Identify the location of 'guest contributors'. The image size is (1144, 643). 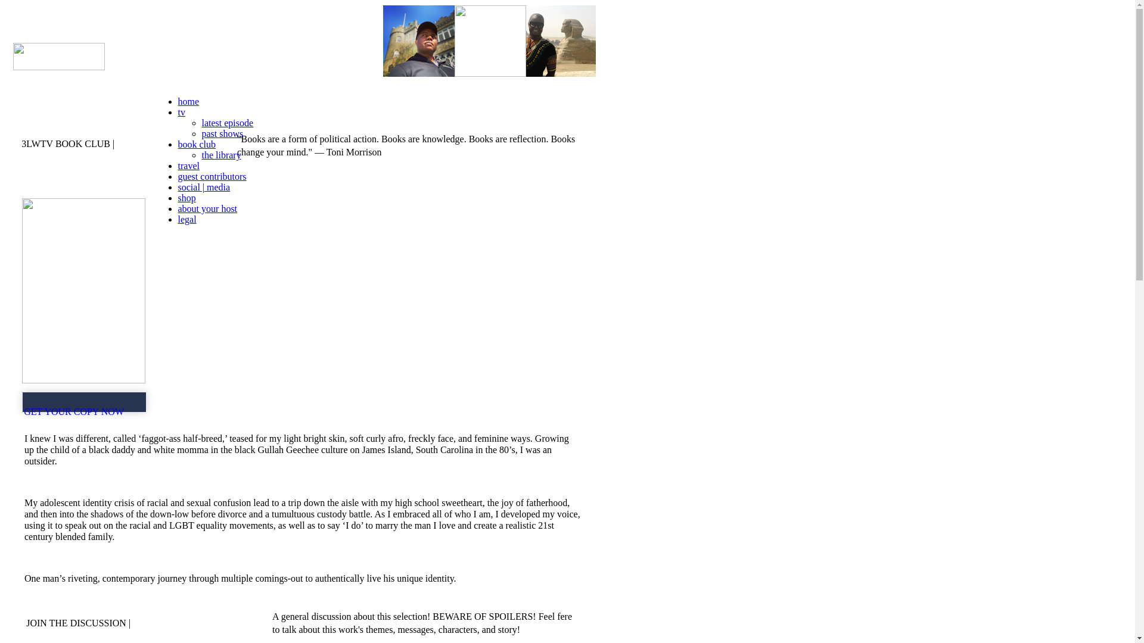
(212, 176).